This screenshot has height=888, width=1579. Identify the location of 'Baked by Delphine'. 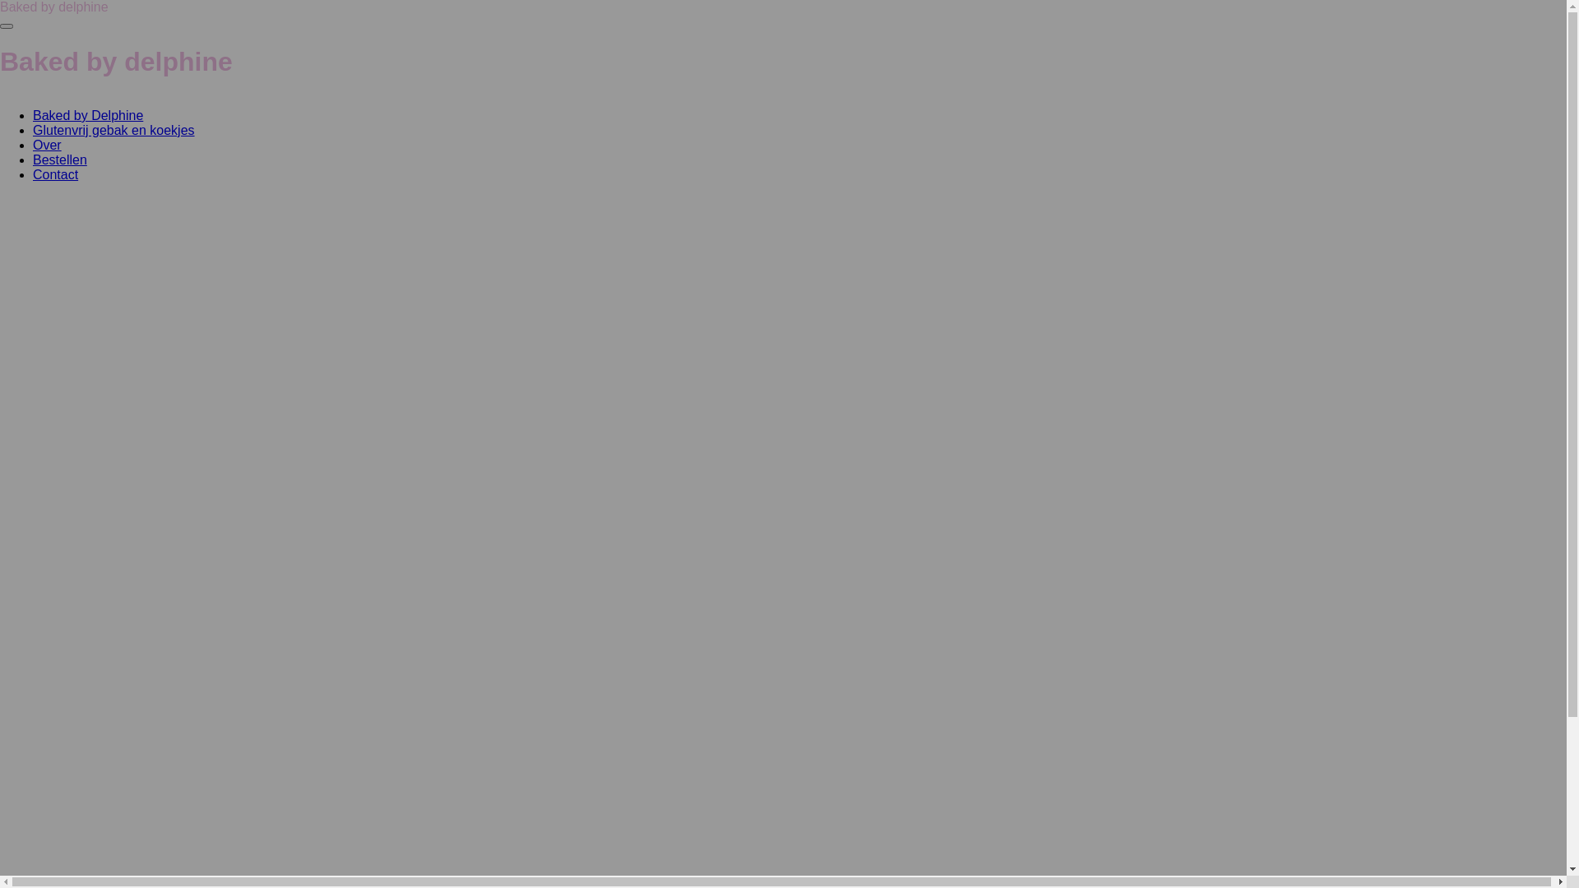
(32, 114).